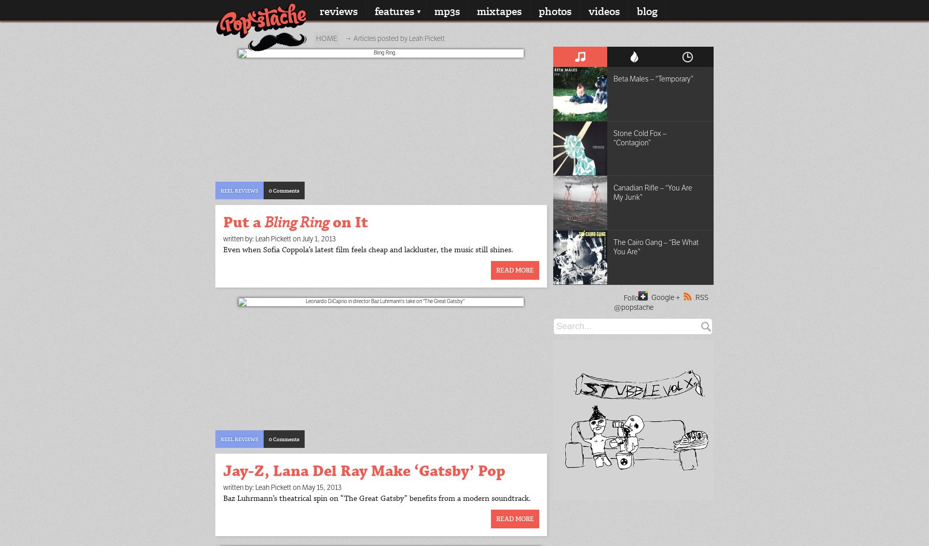 This screenshot has height=546, width=929. Describe the element at coordinates (398, 37) in the screenshot. I see `'Articles posted by Leah Pickett'` at that location.